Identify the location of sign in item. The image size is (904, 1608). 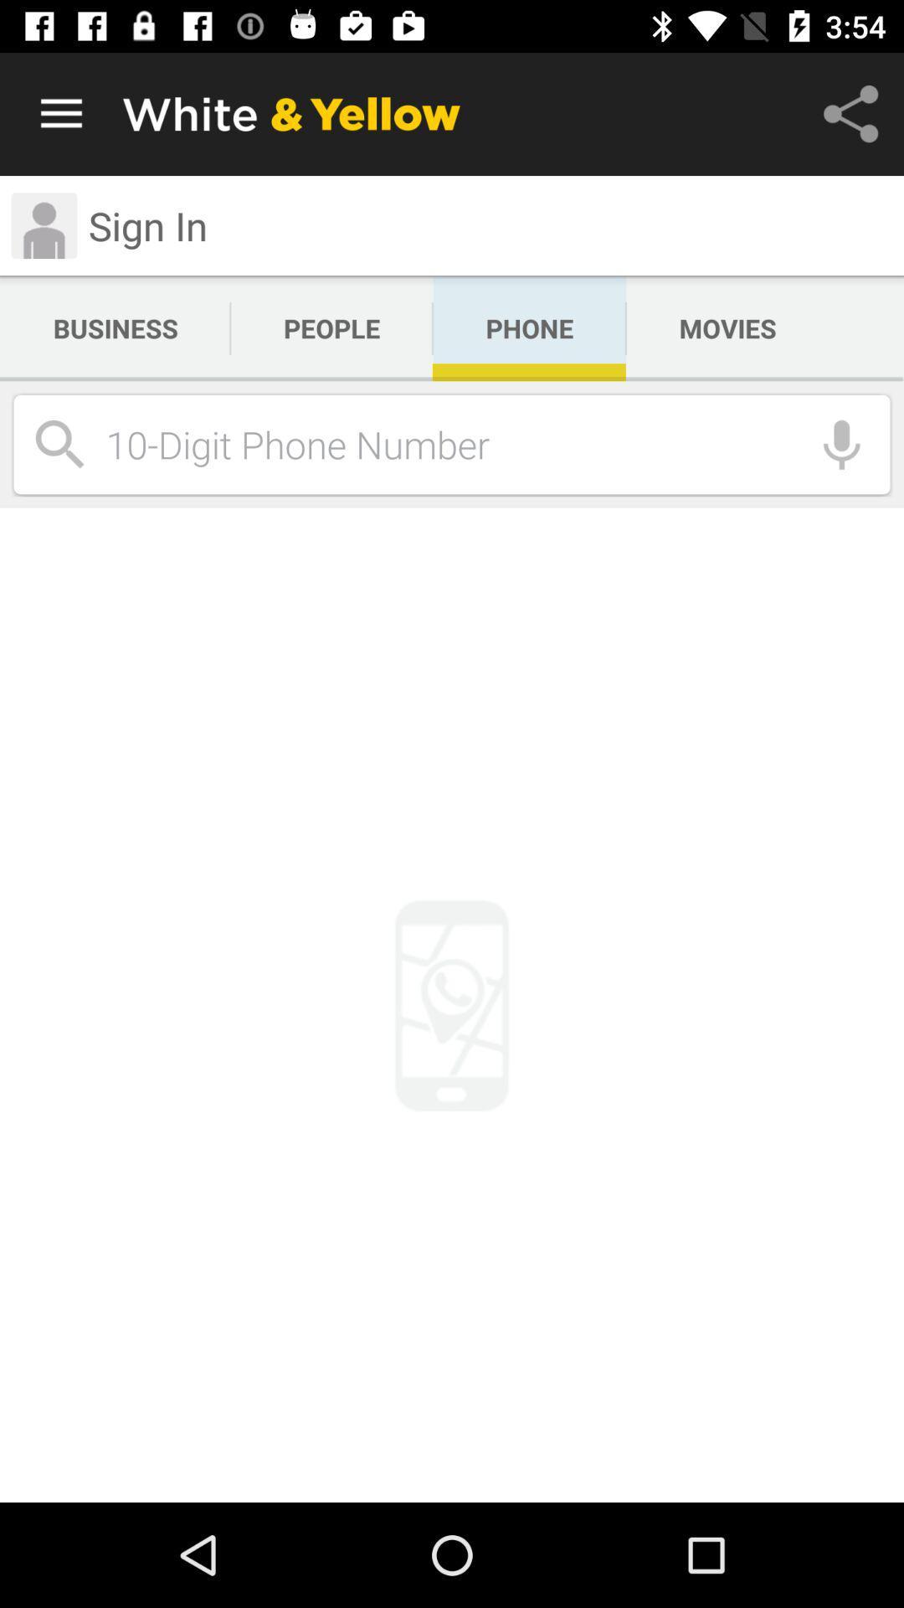
(147, 224).